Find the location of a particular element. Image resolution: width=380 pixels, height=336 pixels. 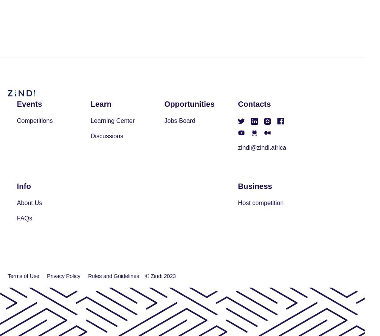

'Business' is located at coordinates (254, 186).